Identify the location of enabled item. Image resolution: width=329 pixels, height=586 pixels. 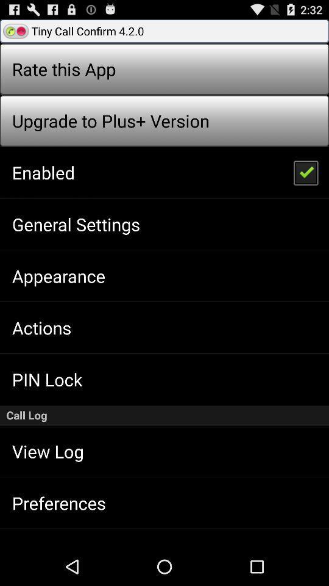
(43, 172).